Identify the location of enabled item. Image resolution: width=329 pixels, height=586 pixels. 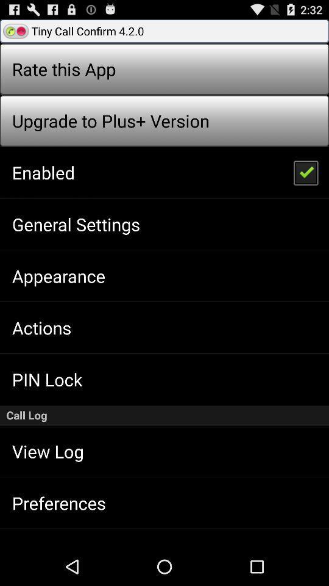
(43, 172).